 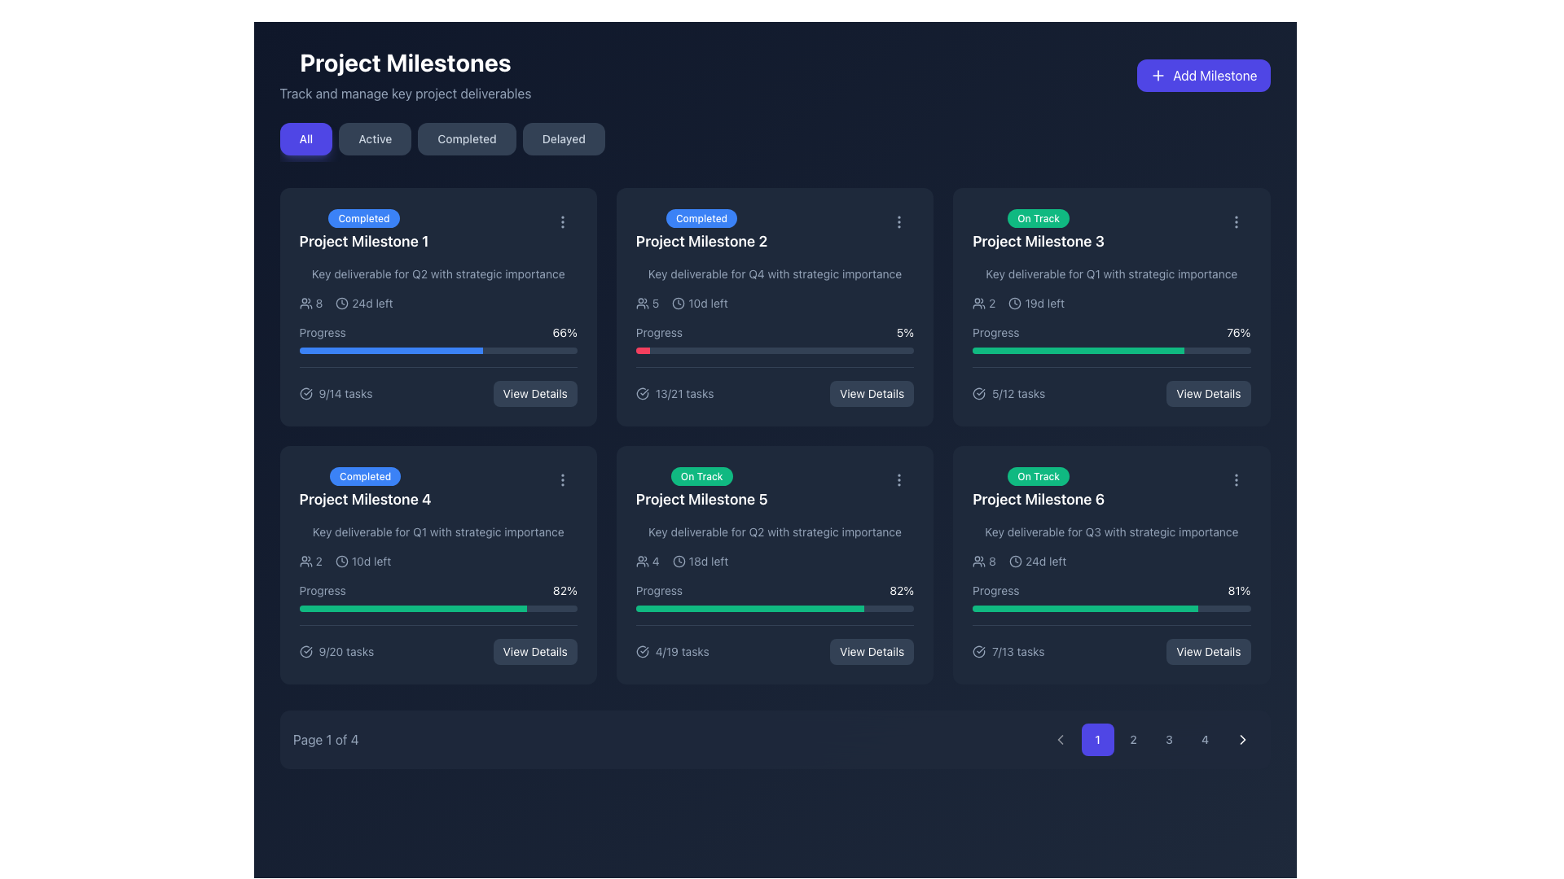 I want to click on the text-based element comprising a headline and a subtitle that informs users about managing and tracking project deliverables, located at the top-left section of the interface, so click(x=405, y=75).